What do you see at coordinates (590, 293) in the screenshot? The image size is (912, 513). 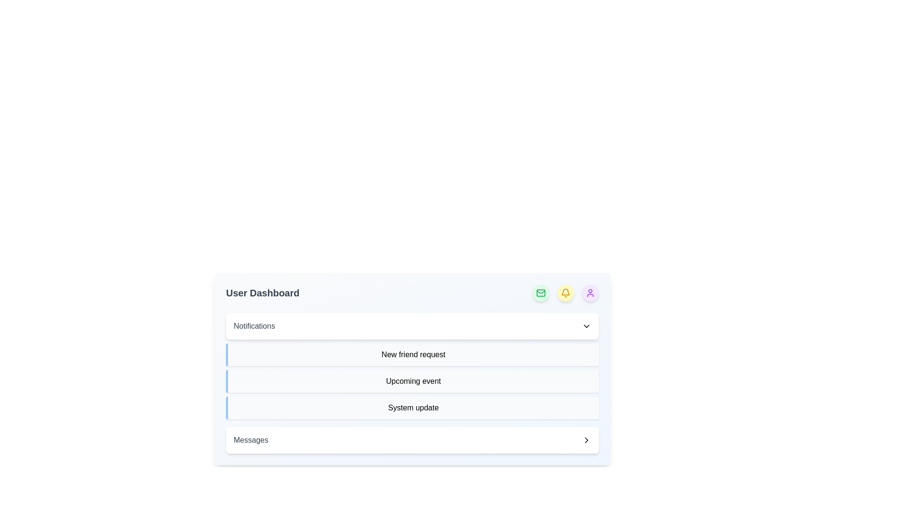 I see `the user profile button located in the top right corner of the user dashboard, which is the fourth icon from the left` at bounding box center [590, 293].